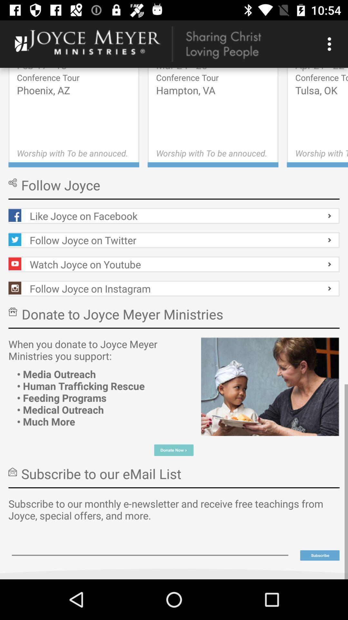 This screenshot has width=348, height=620. I want to click on subscribe, so click(320, 555).